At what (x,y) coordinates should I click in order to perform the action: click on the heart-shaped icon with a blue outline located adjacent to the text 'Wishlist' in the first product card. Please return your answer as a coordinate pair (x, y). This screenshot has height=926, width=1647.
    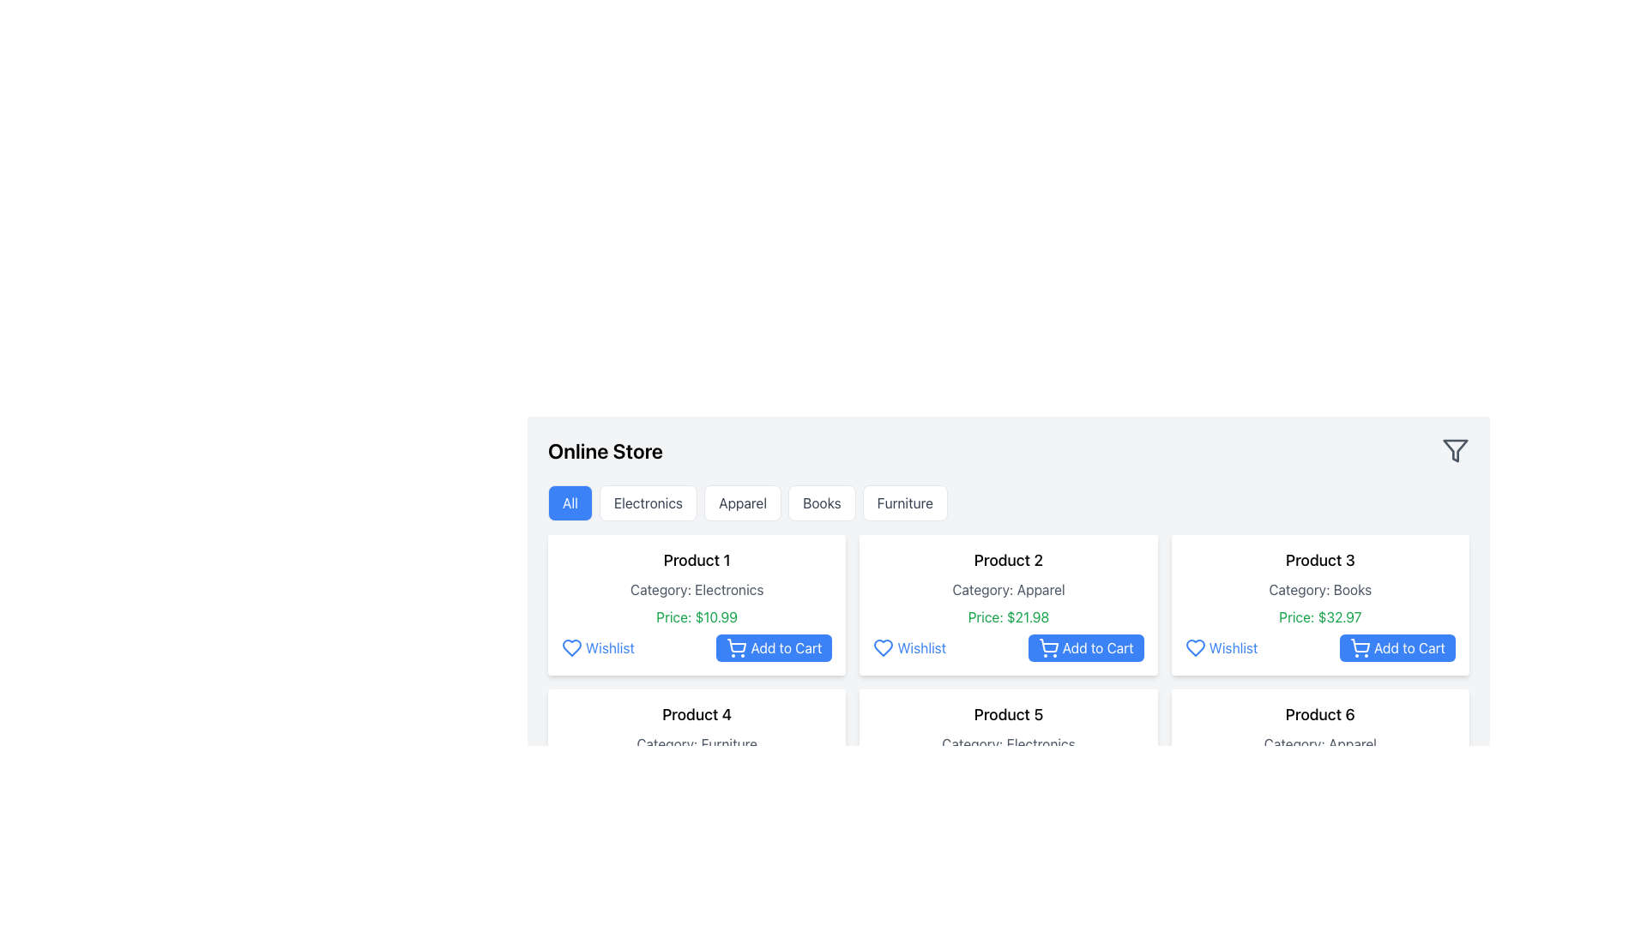
    Looking at the image, I should click on (572, 648).